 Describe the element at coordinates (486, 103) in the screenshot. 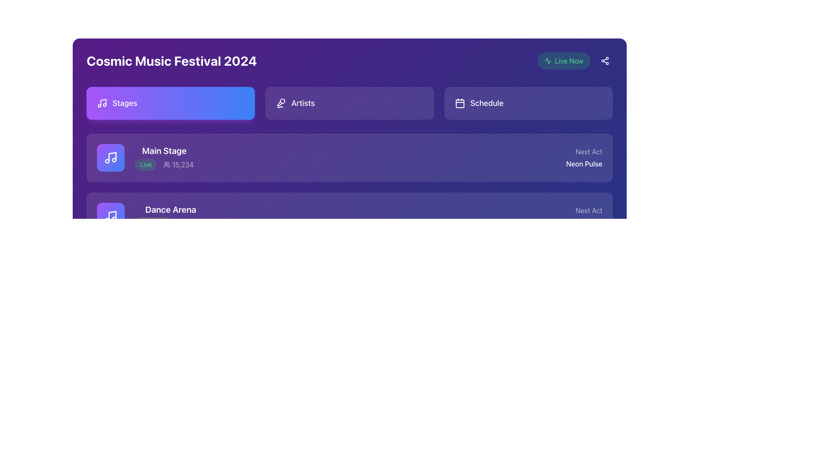

I see `the schedule label that indicates event management functionalities, positioned to the right of a calendar icon in the top-right corner of the interface` at that location.